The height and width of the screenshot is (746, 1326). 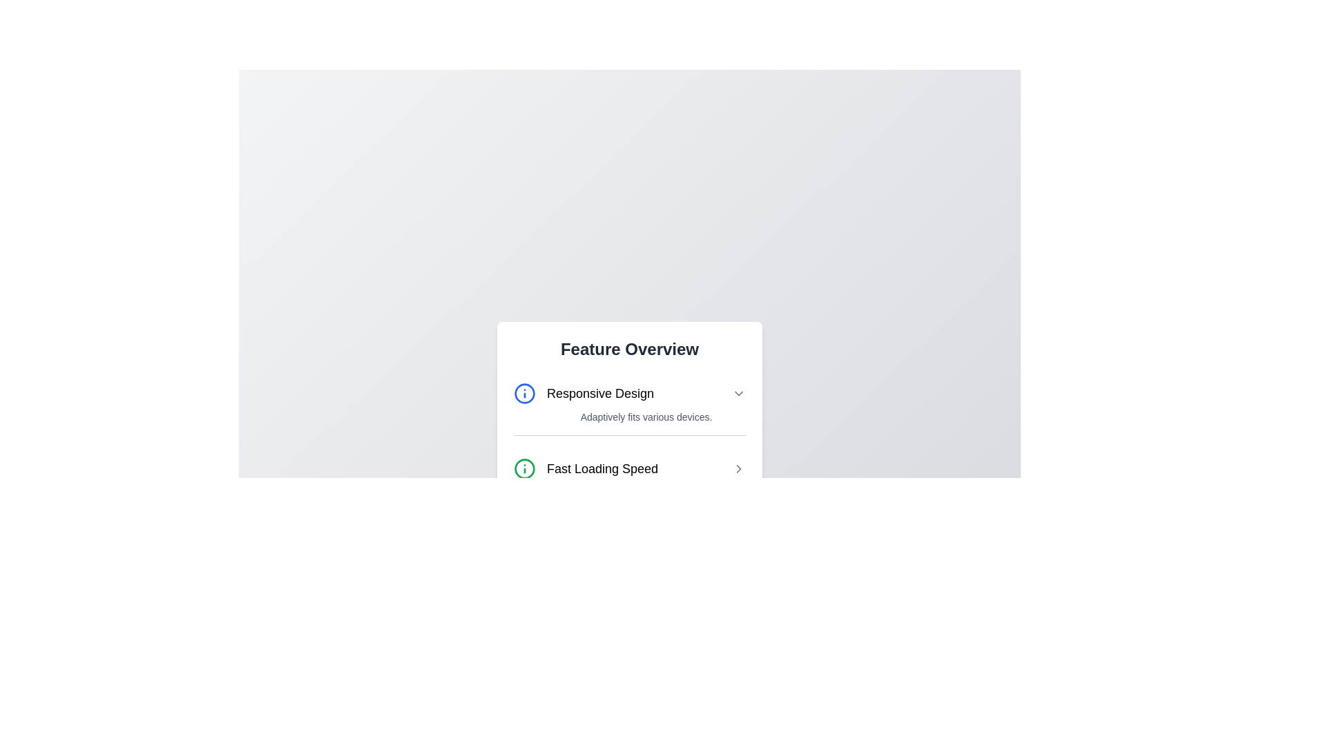 I want to click on the Dropdown toggle icon located at the top-right of the 'Responsive Design' section, so click(x=738, y=393).